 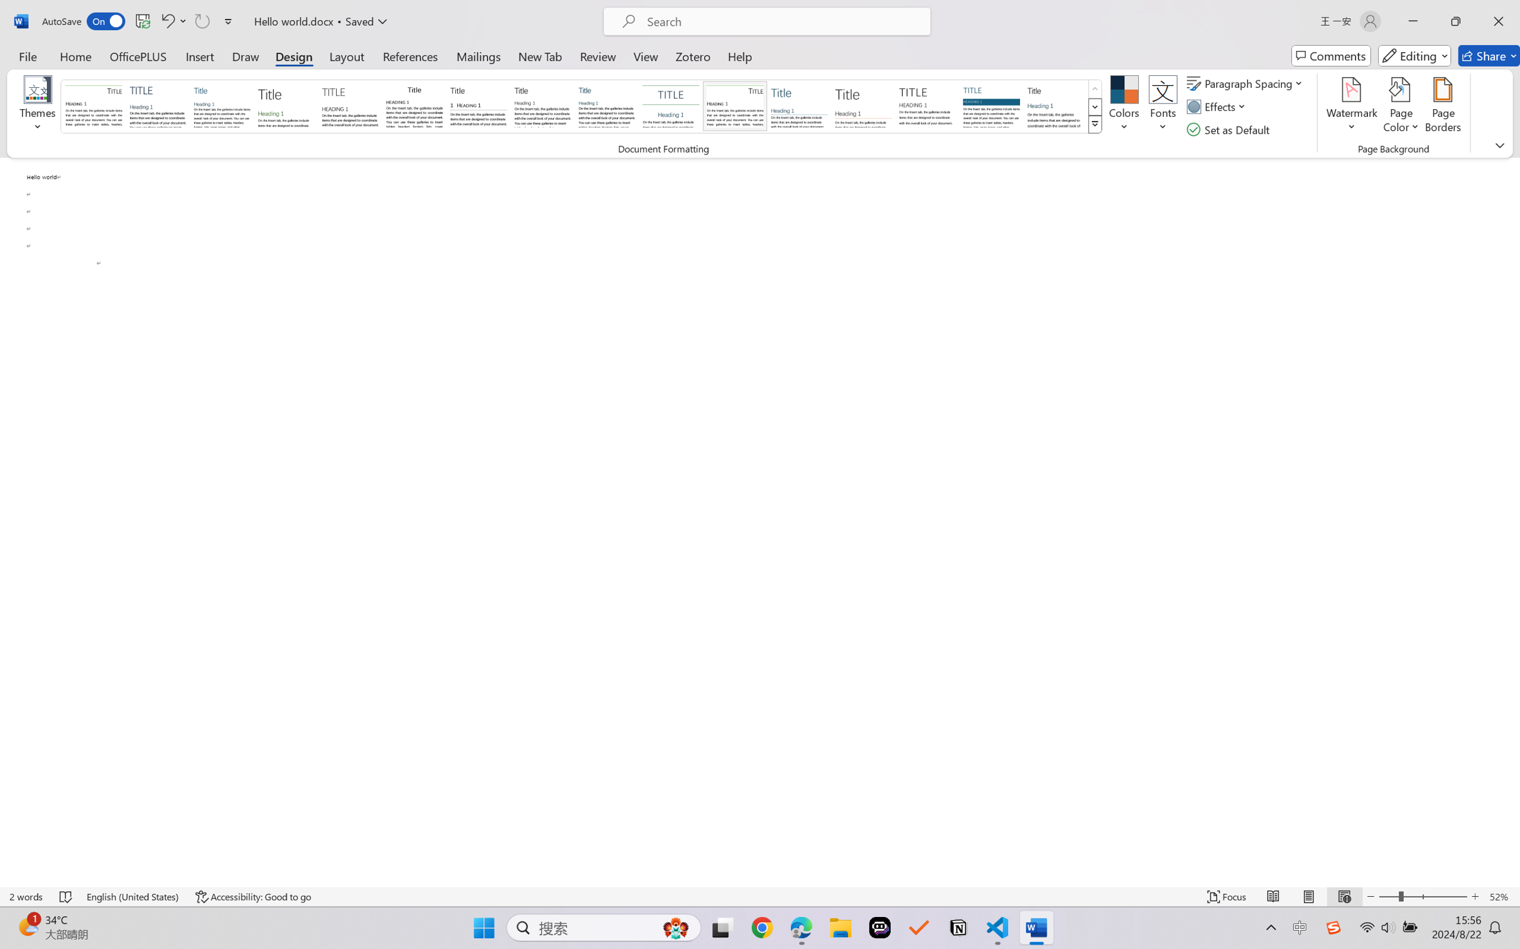 I want to click on 'Class: Image', so click(x=1333, y=928).